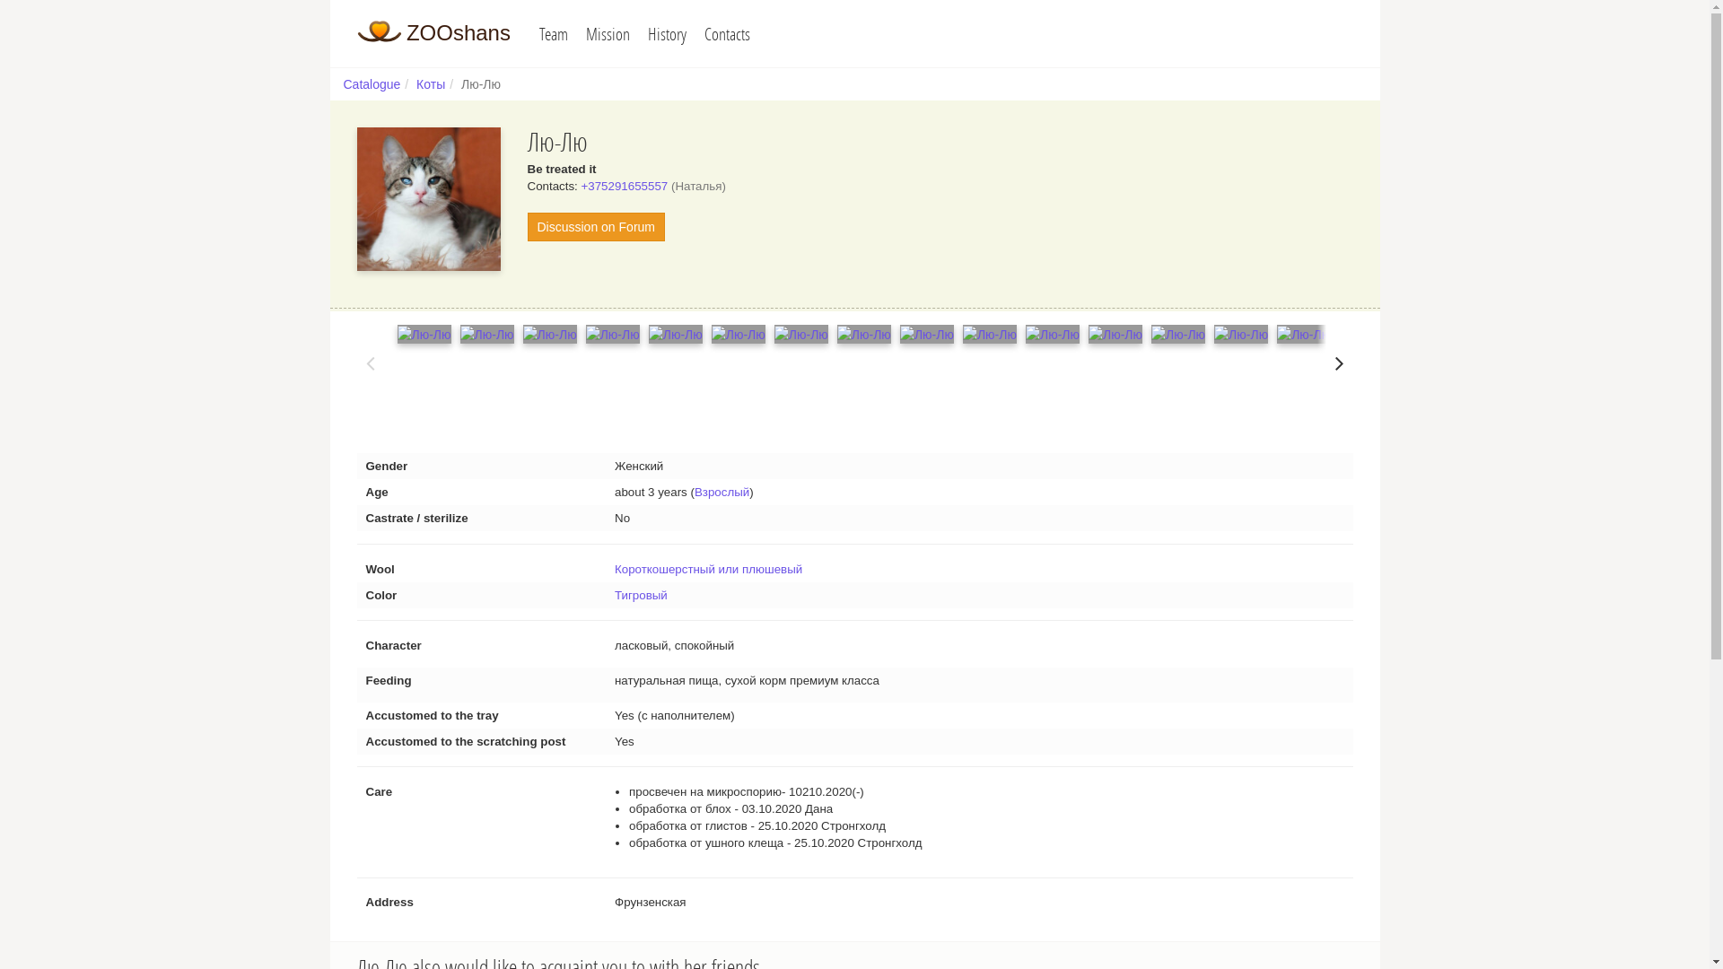 The height and width of the screenshot is (969, 1723). What do you see at coordinates (357, 31) in the screenshot?
I see `'ZOOshans'` at bounding box center [357, 31].